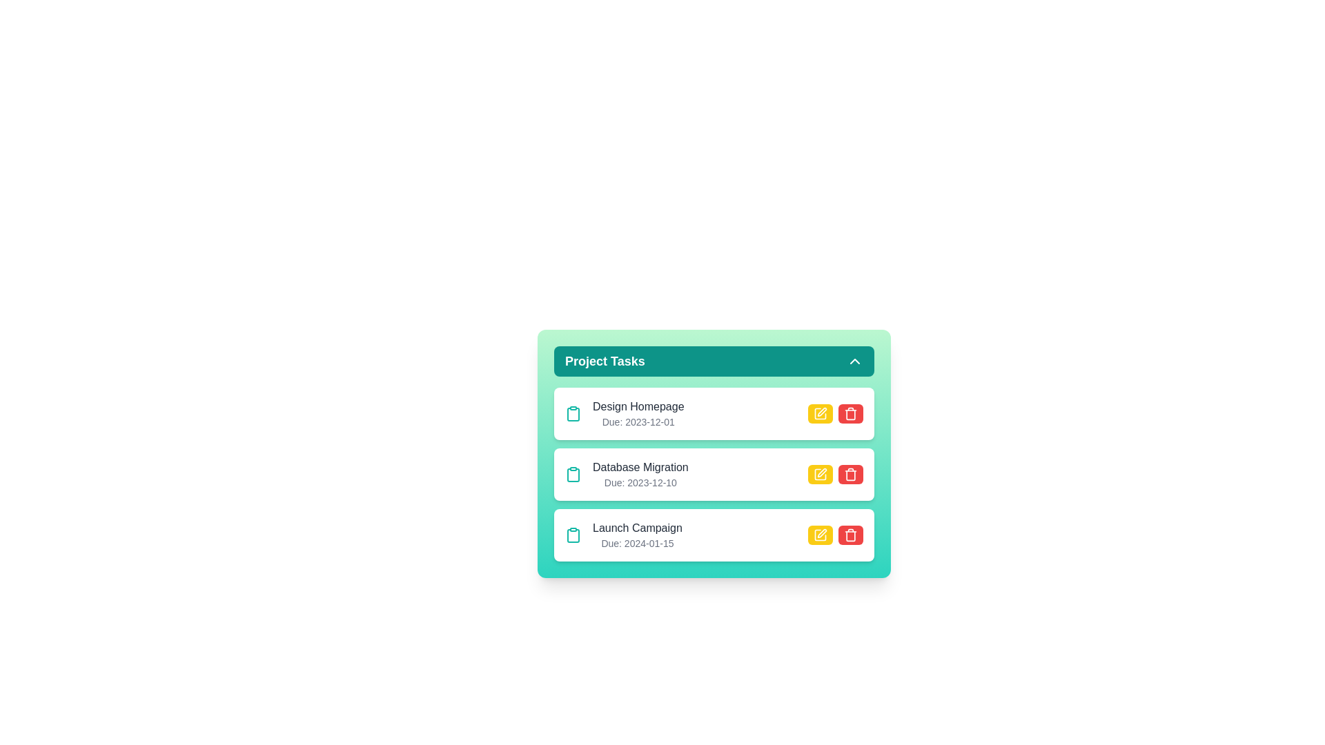 The height and width of the screenshot is (745, 1325). What do you see at coordinates (821, 473) in the screenshot?
I see `the edit button for the task titled 'Database Migration'` at bounding box center [821, 473].